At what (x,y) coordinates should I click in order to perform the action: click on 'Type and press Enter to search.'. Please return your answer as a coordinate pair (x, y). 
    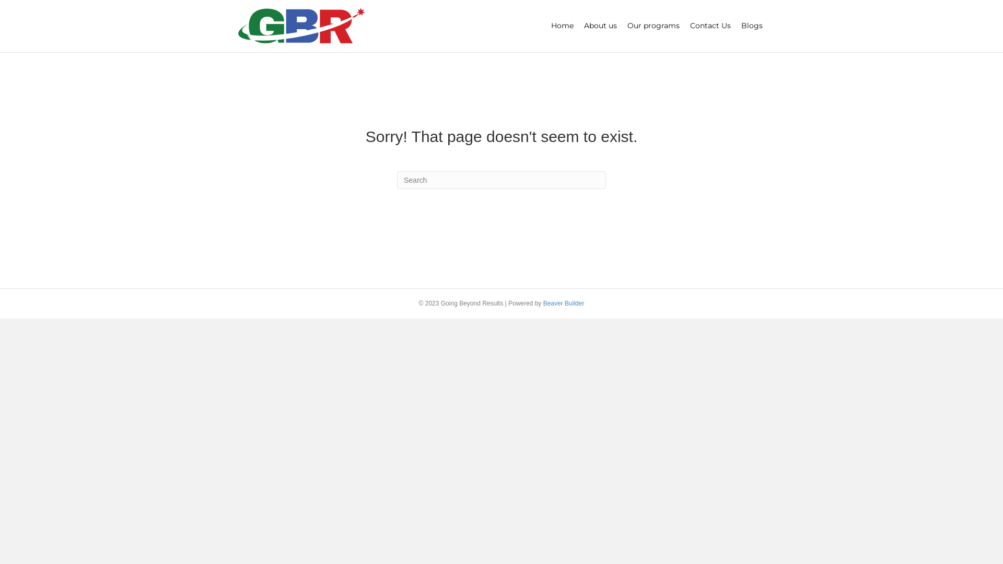
    Looking at the image, I should click on (501, 179).